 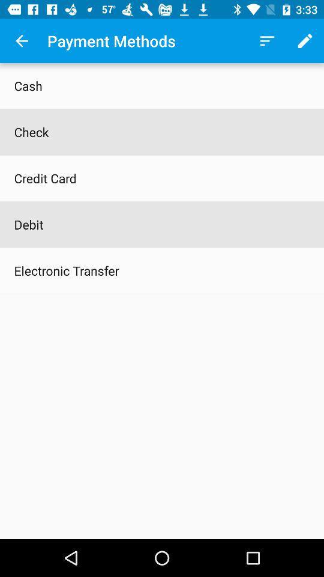 I want to click on the app to the right of payment methods, so click(x=267, y=41).